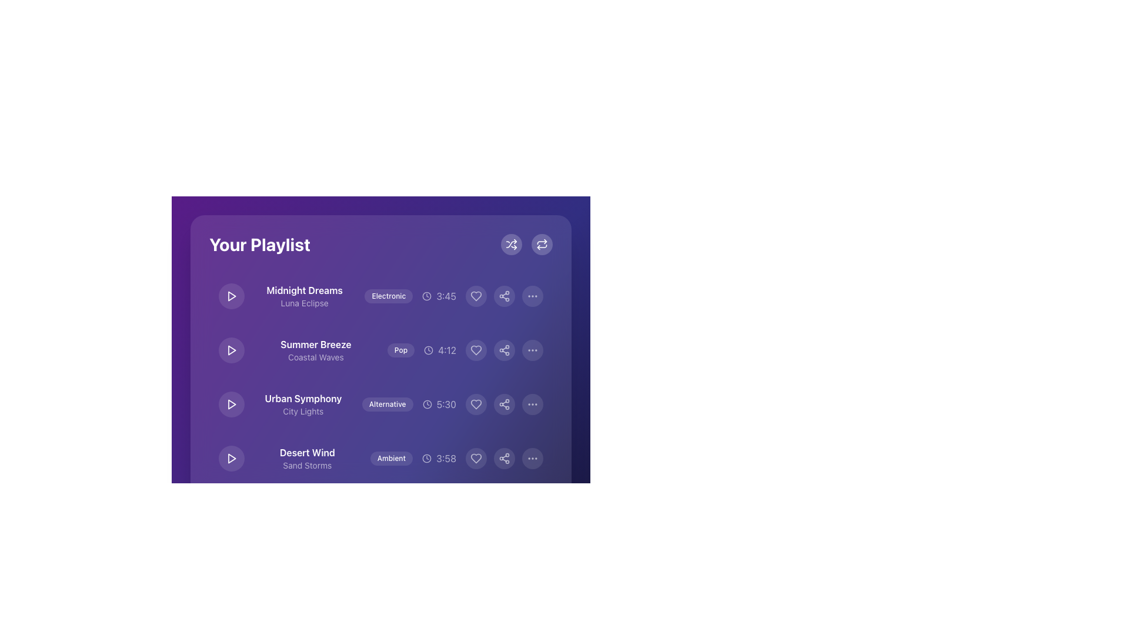  What do you see at coordinates (532, 512) in the screenshot?
I see `the circular cluster button with three dots at the end of the third row of controls in the playlist interface` at bounding box center [532, 512].